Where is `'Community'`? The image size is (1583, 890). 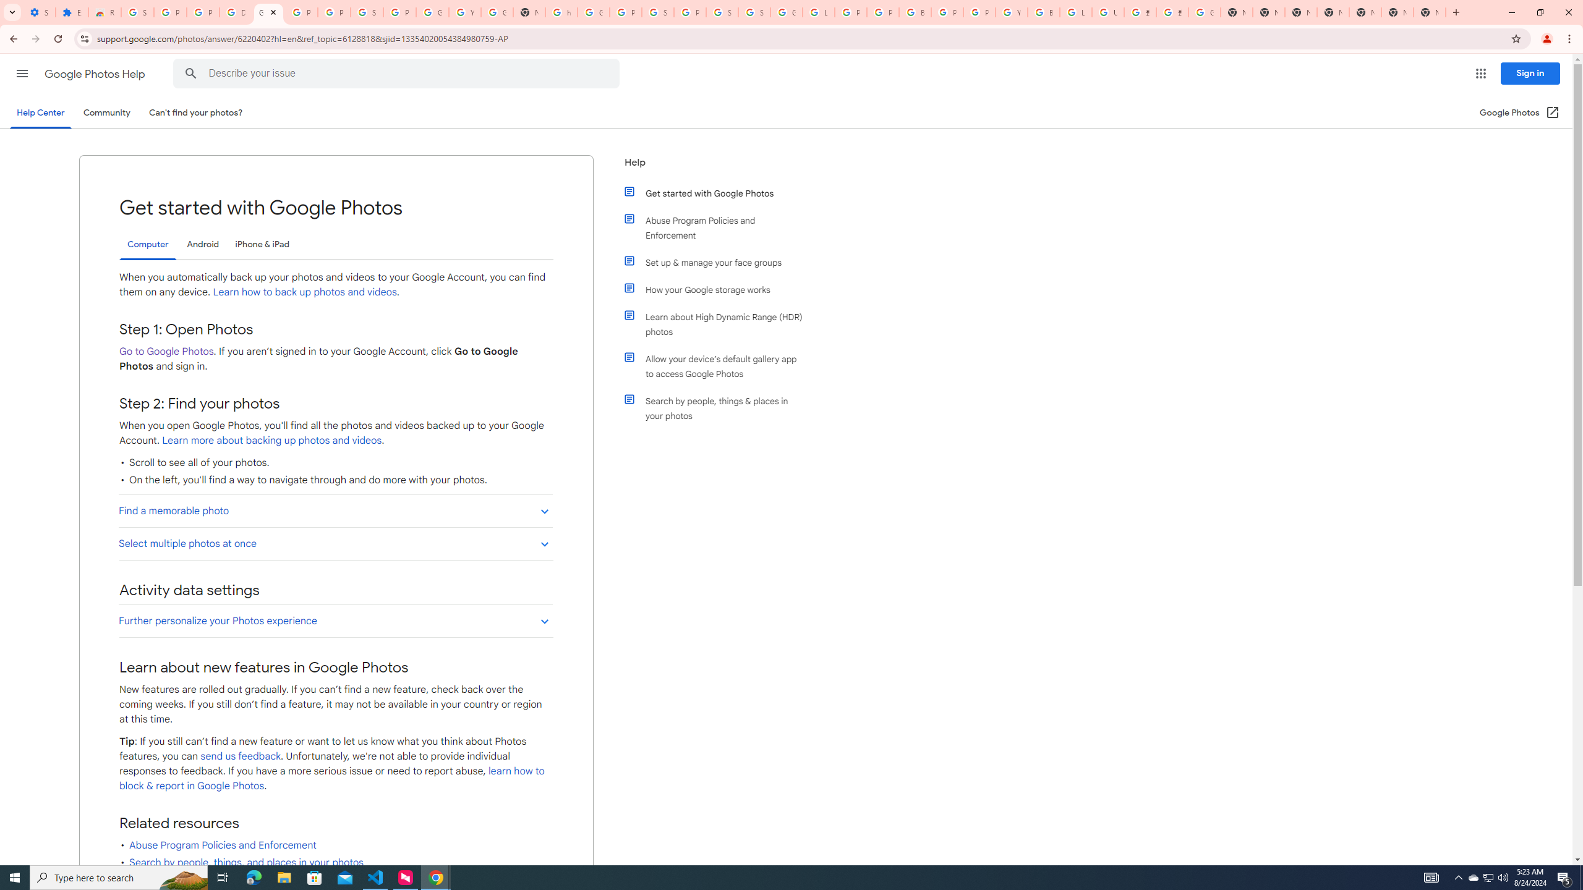
'Community' is located at coordinates (106, 112).